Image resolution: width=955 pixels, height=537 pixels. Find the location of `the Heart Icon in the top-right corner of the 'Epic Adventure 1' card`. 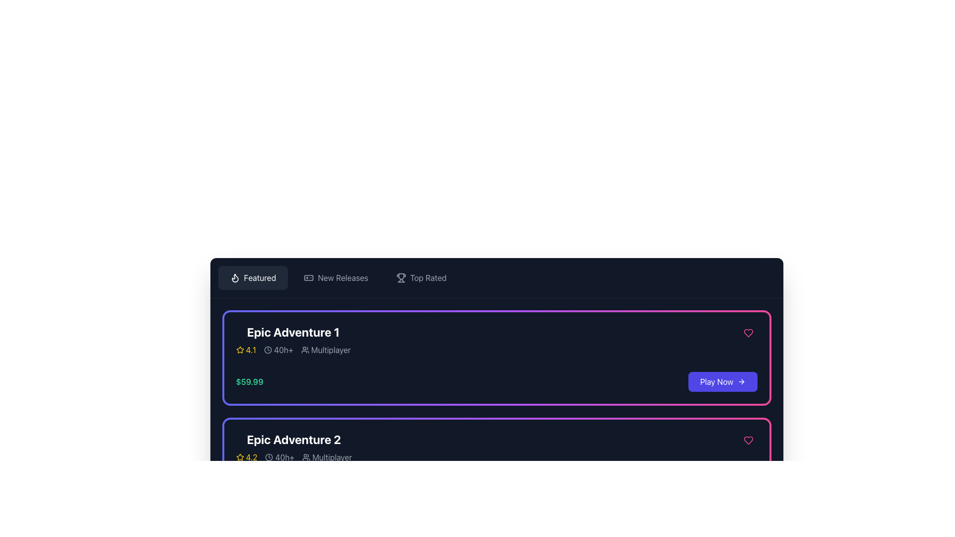

the Heart Icon in the top-right corner of the 'Epic Adventure 1' card is located at coordinates (748, 440).